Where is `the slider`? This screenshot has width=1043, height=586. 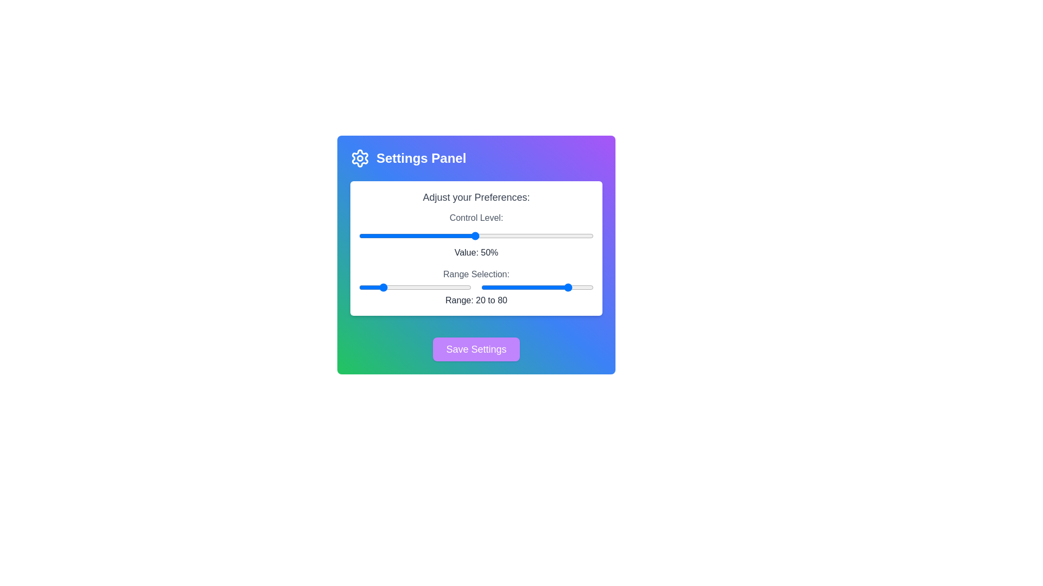
the slider is located at coordinates (517, 286).